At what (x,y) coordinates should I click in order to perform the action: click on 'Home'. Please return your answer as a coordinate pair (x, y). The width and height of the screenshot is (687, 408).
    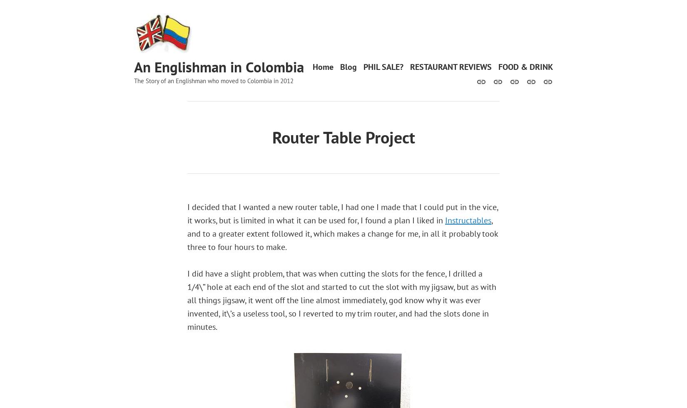
    Looking at the image, I should click on (322, 66).